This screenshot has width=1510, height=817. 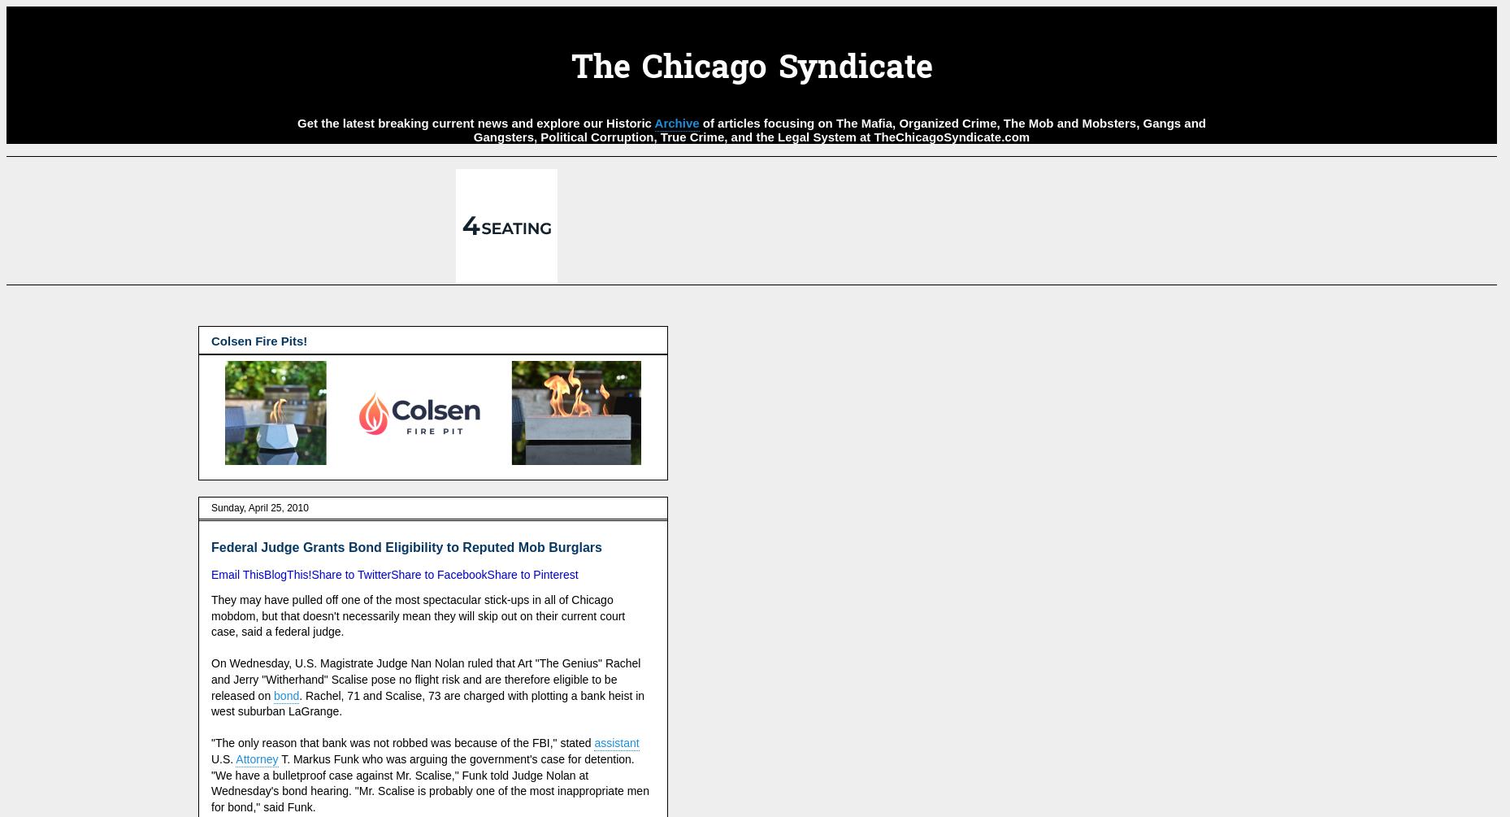 What do you see at coordinates (438, 575) in the screenshot?
I see `'Share to Facebook'` at bounding box center [438, 575].